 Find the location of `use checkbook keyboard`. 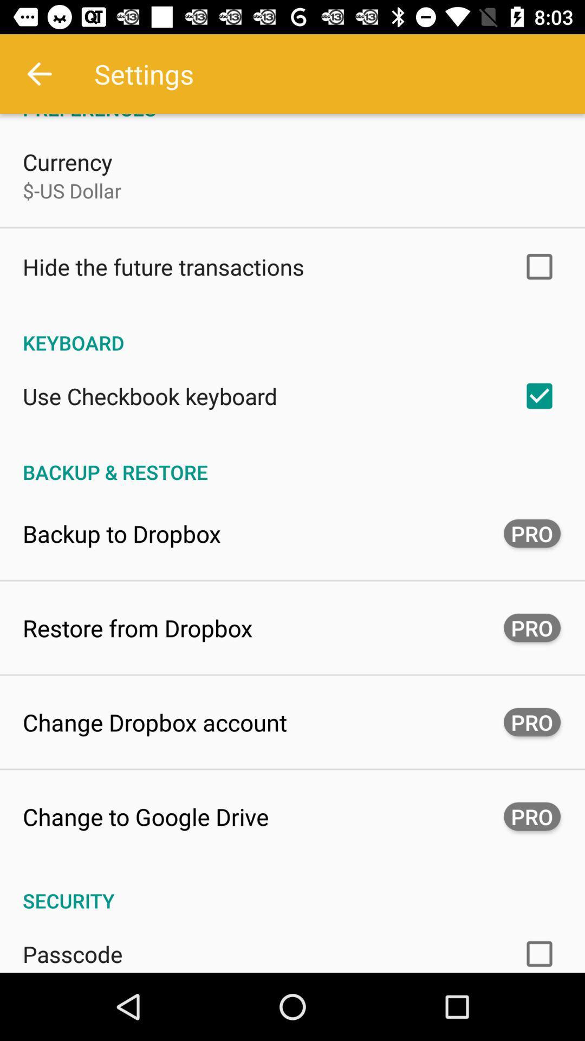

use checkbook keyboard is located at coordinates (150, 395).